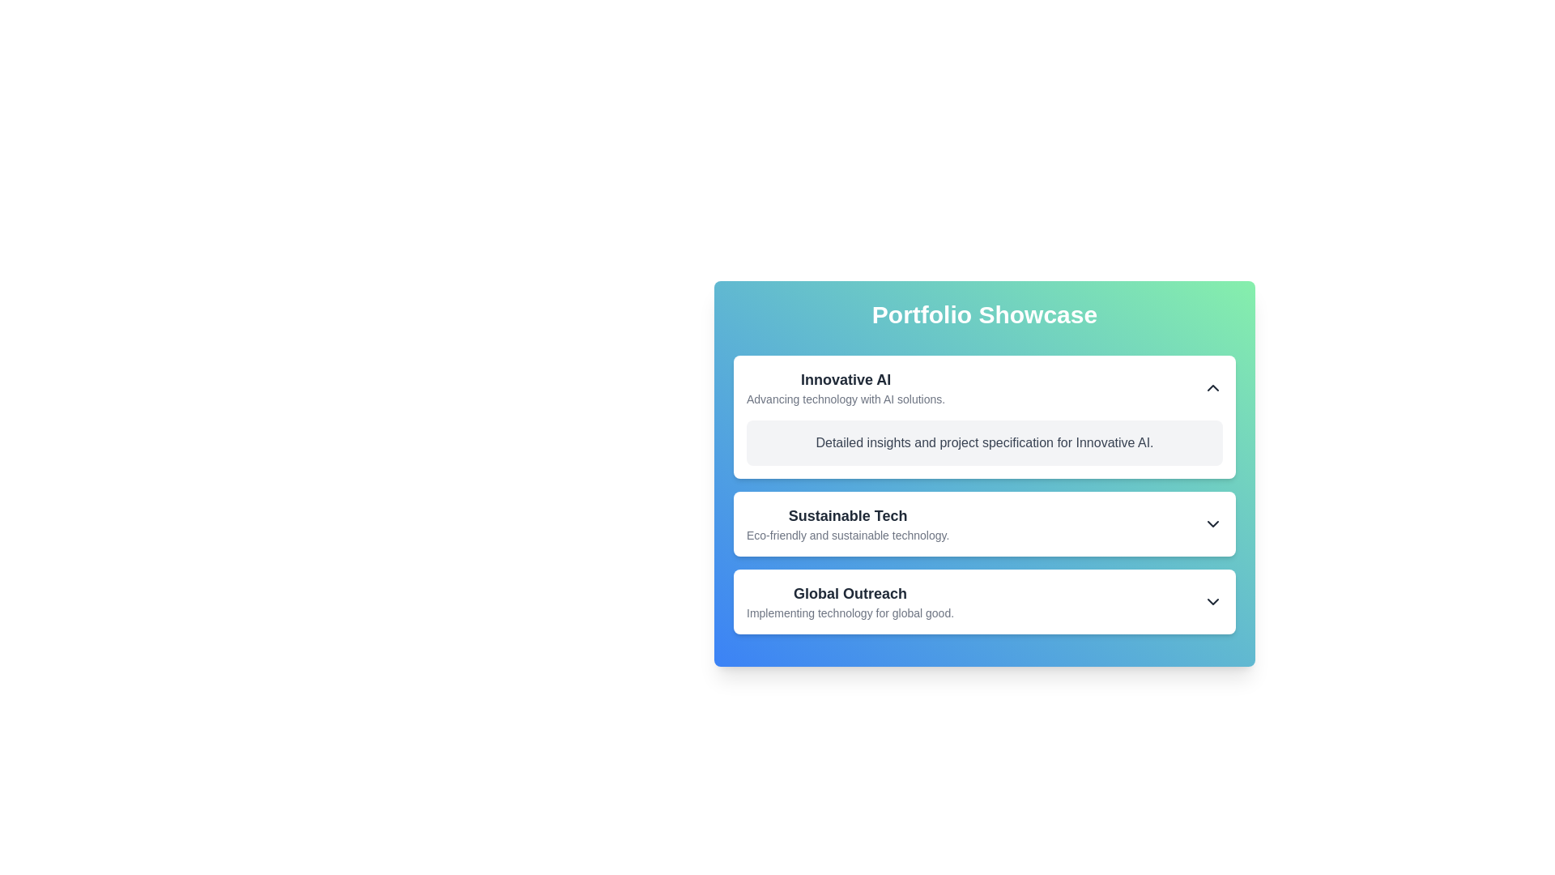  Describe the element at coordinates (850, 602) in the screenshot. I see `the text block representing the title and description of the portfolio card for 'Global Outreach', located in the bottom portion of the card, which is the third card in the list` at that location.